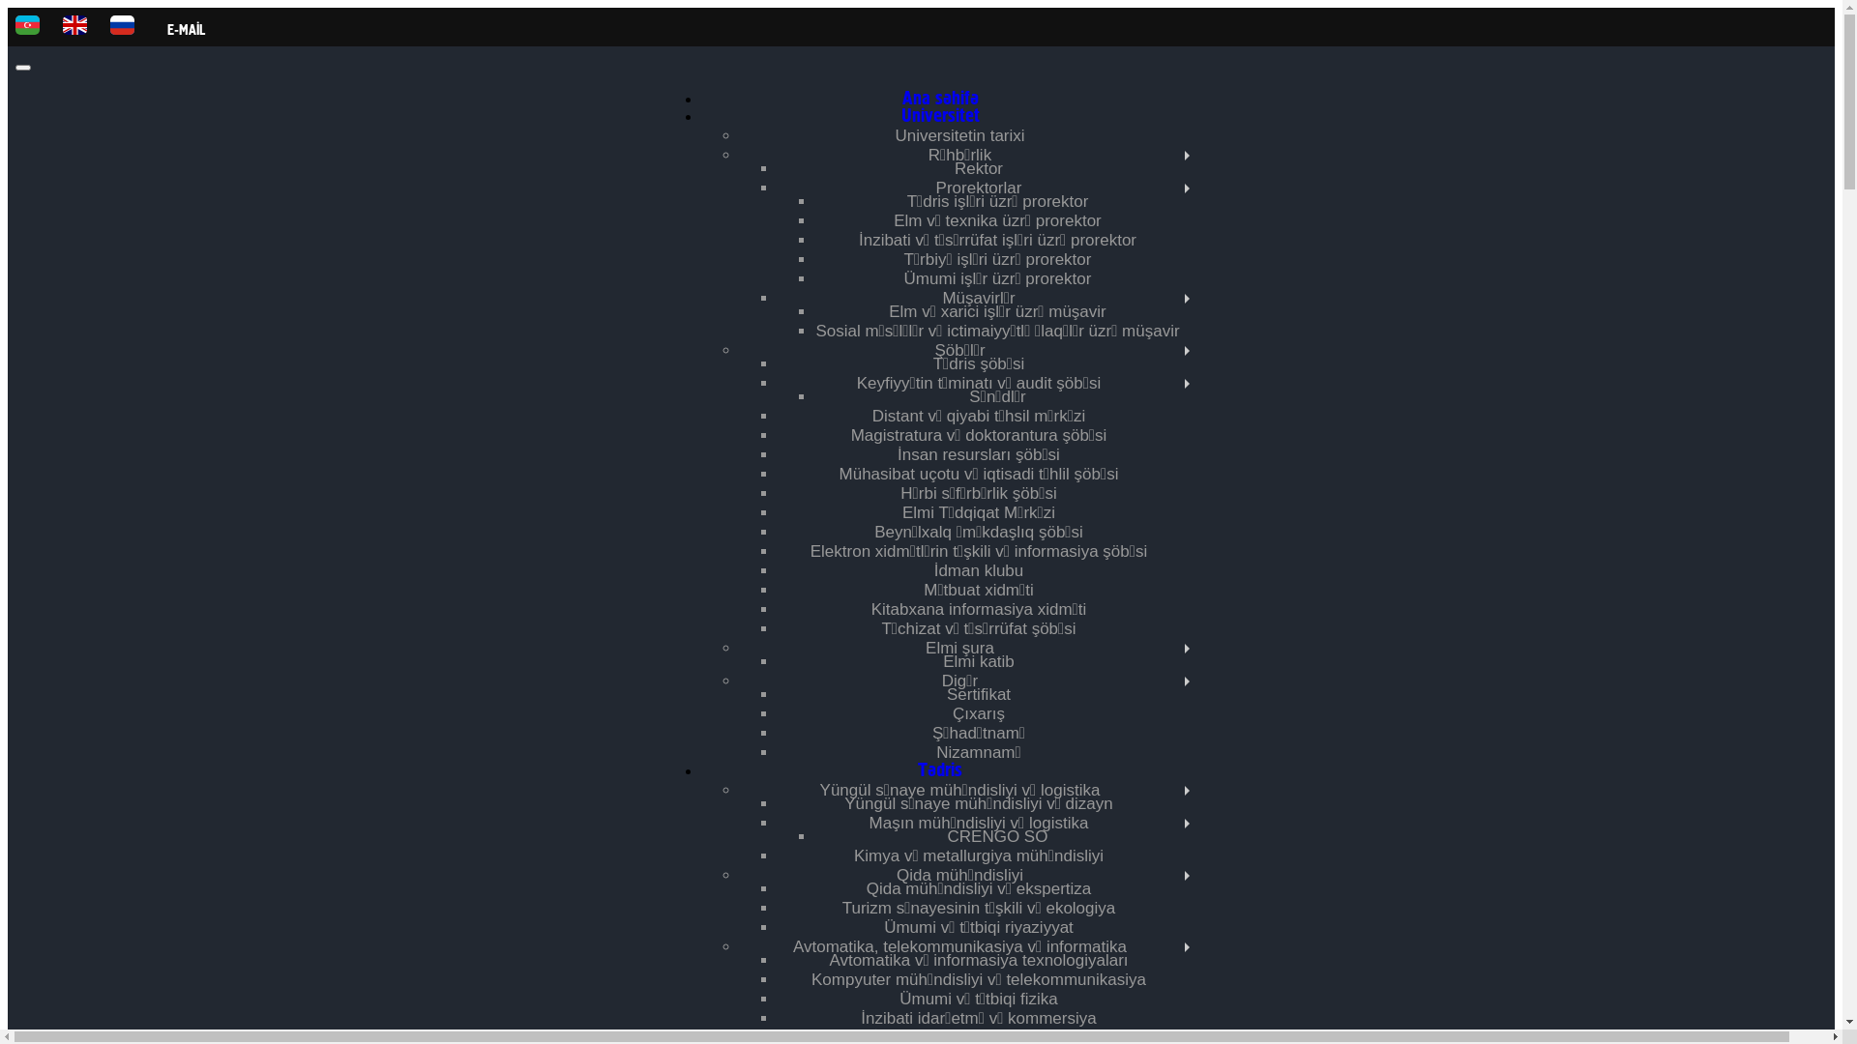 This screenshot has height=1044, width=1857. Describe the element at coordinates (947, 693) in the screenshot. I see `'Sertifikat'` at that location.